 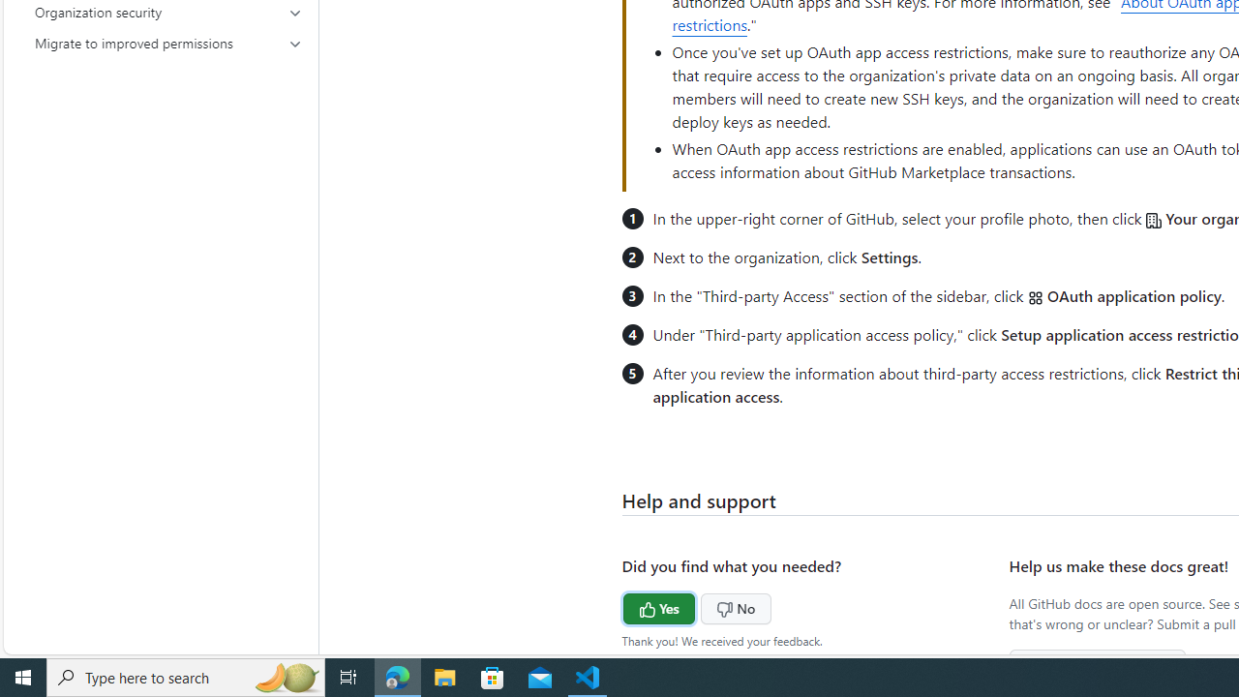 I want to click on 'Make a contribution', so click(x=1098, y=663).